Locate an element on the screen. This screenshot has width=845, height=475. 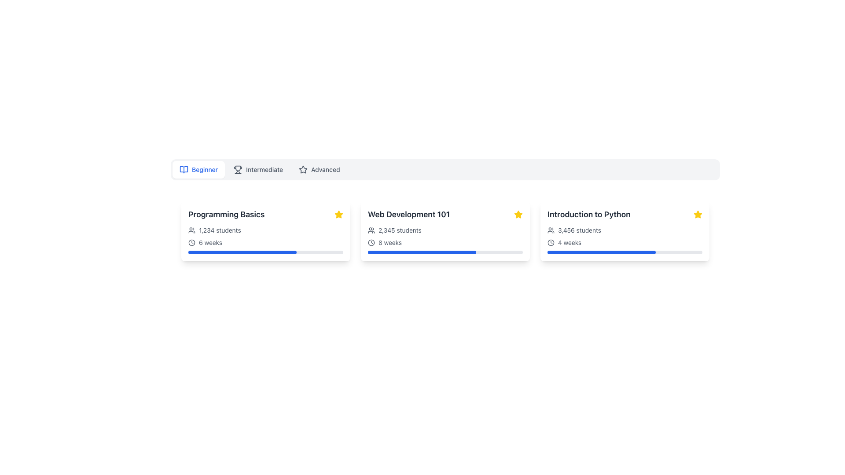
the progress bar indicating 70% completion located at the bottom of the 'Web Development 101' card is located at coordinates (422, 252).